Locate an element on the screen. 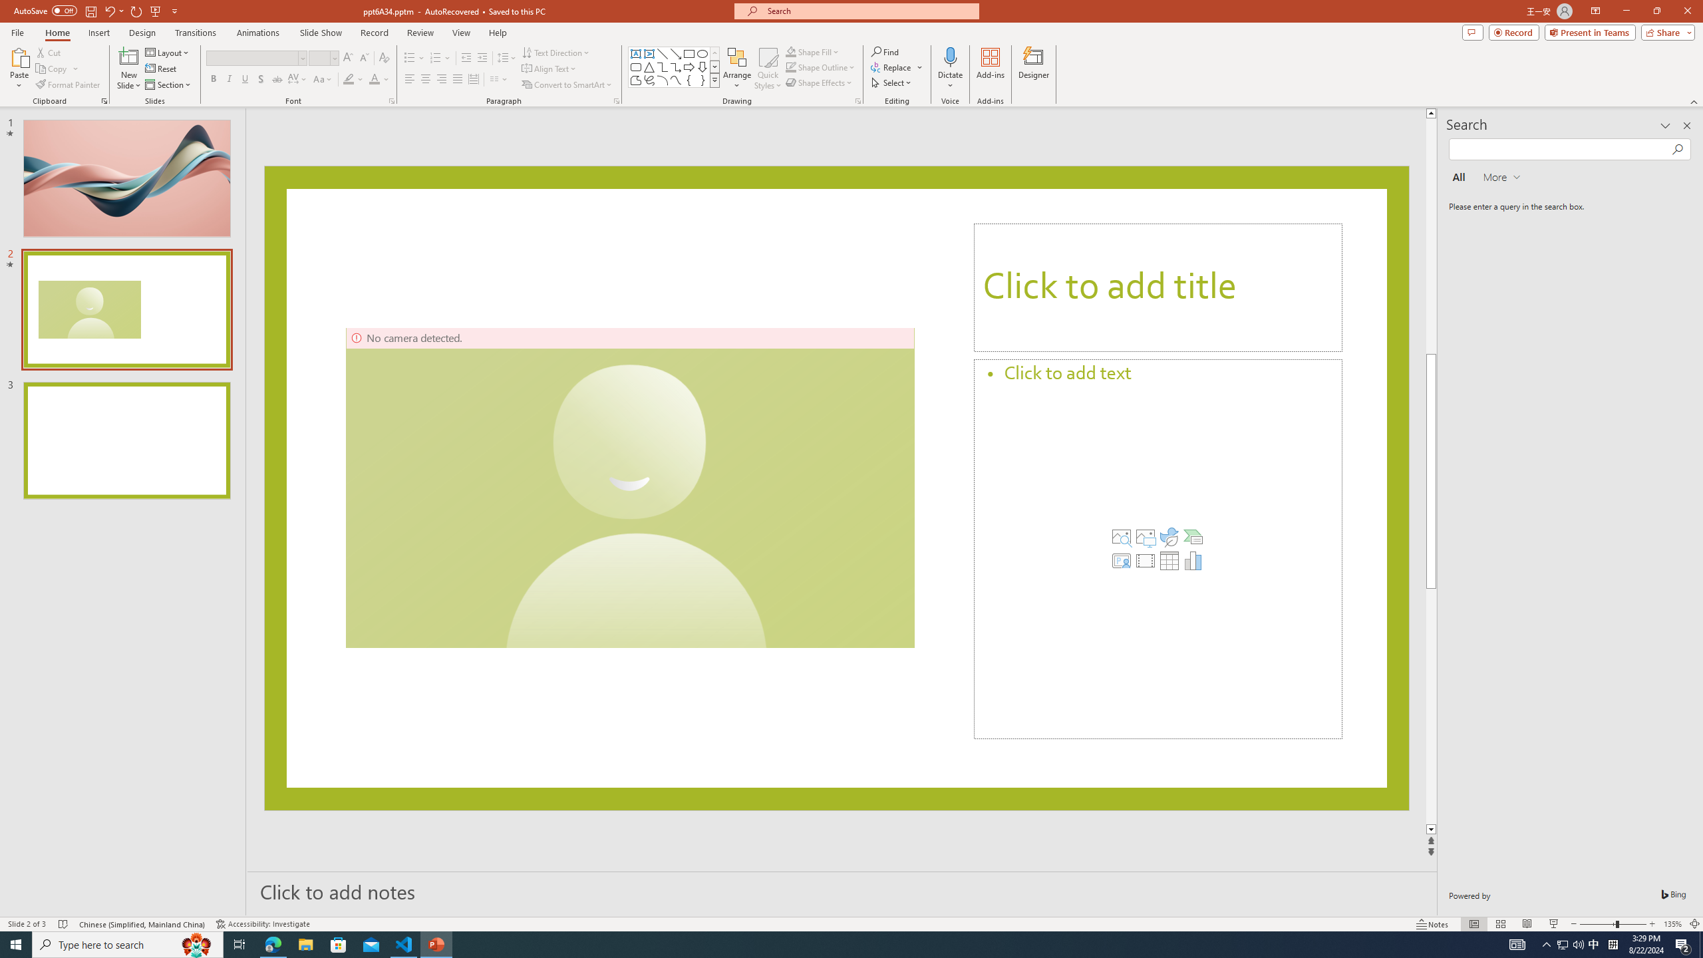  'Line Arrow' is located at coordinates (675, 53).